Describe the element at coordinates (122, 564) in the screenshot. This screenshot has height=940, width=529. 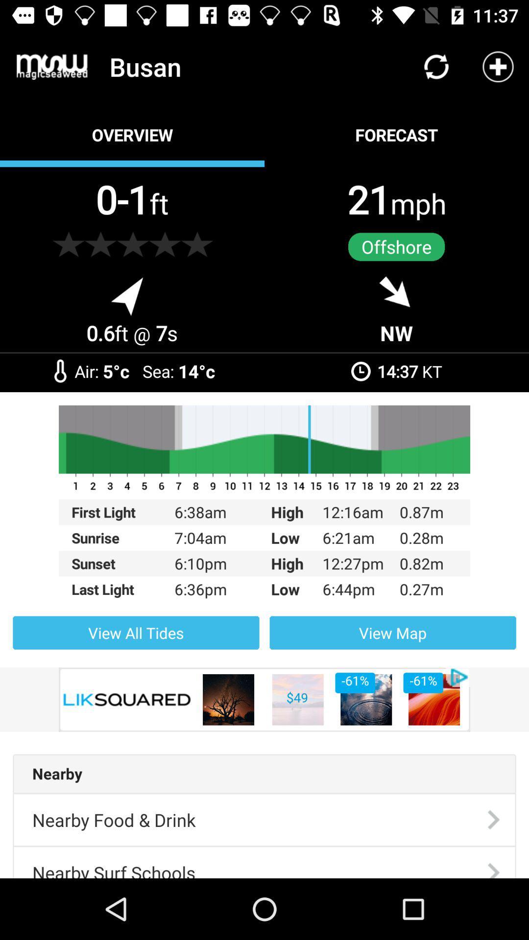
I see `item below sunrise item` at that location.